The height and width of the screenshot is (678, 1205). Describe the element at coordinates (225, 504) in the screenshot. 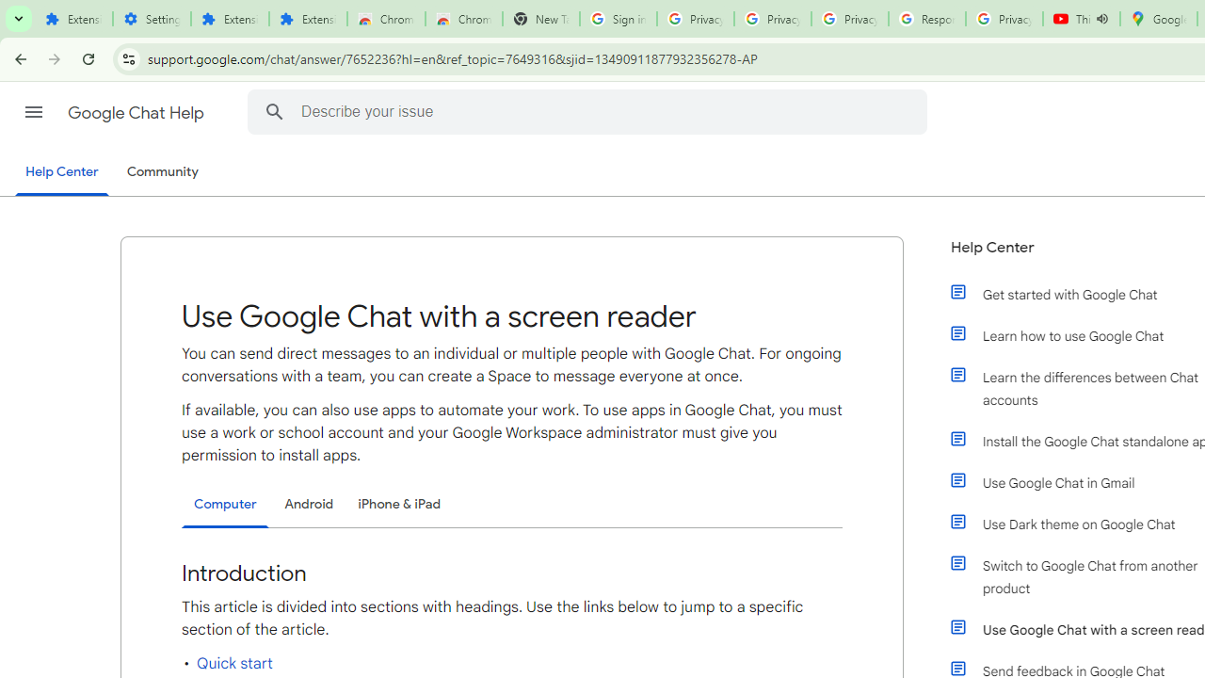

I see `'Computer'` at that location.